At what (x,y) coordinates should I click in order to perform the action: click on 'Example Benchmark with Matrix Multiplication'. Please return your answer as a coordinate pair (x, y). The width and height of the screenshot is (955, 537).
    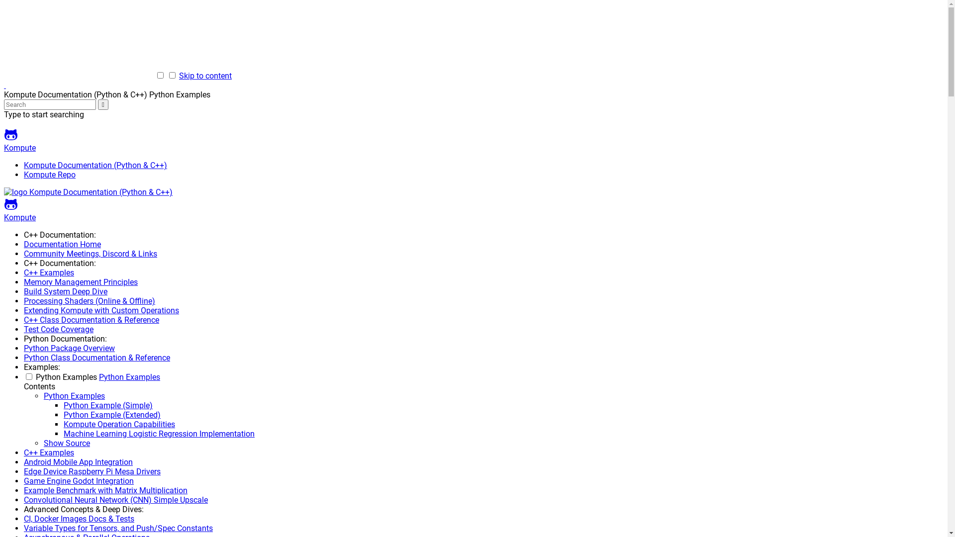
    Looking at the image, I should click on (24, 490).